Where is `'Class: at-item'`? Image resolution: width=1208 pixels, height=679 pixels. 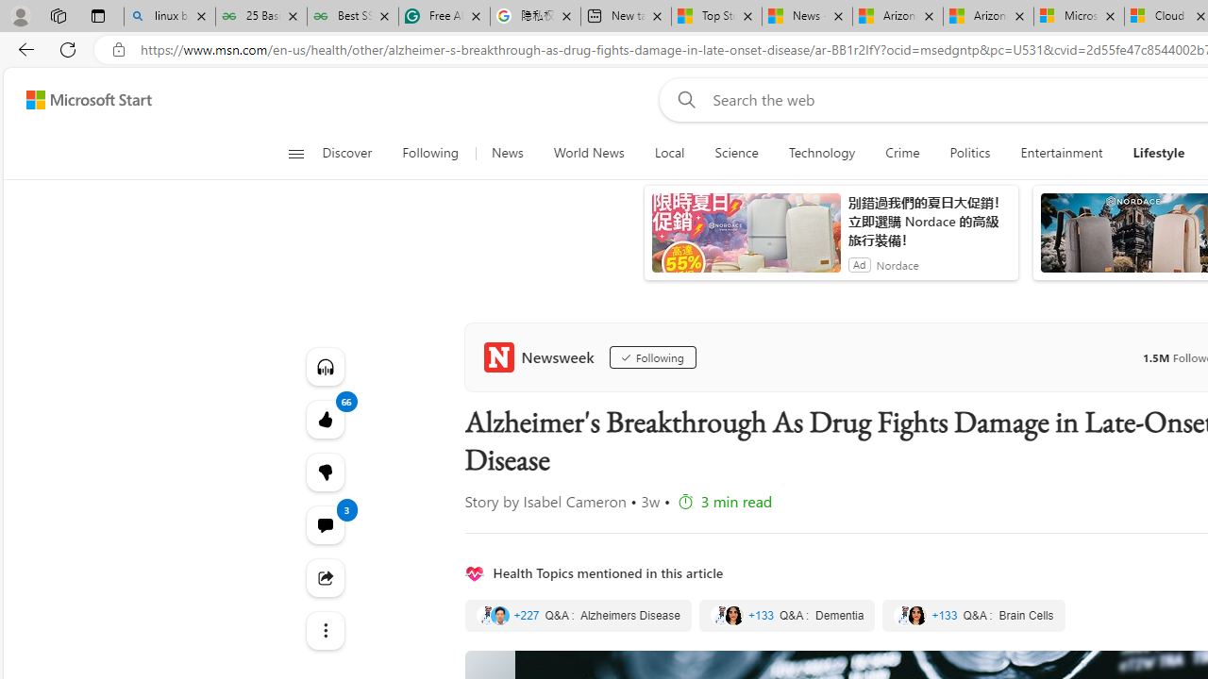
'Class: at-item' is located at coordinates (325, 630).